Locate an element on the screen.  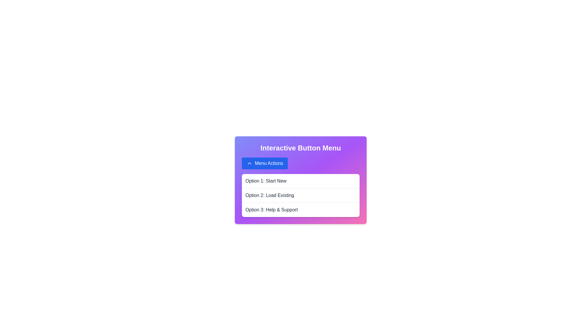
the interactive button is located at coordinates (265, 163).